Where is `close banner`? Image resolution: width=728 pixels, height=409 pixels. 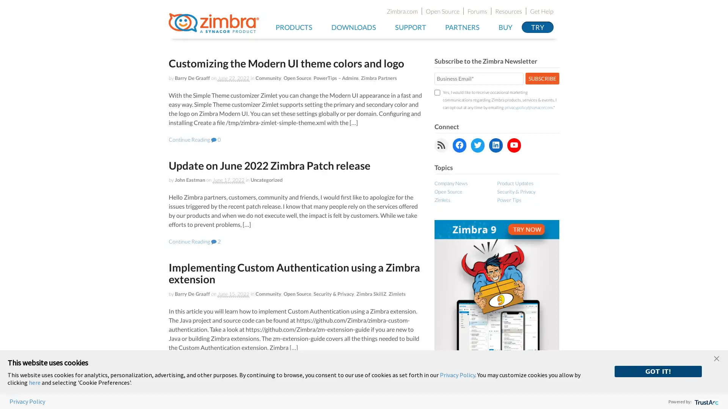
close banner is located at coordinates (716, 357).